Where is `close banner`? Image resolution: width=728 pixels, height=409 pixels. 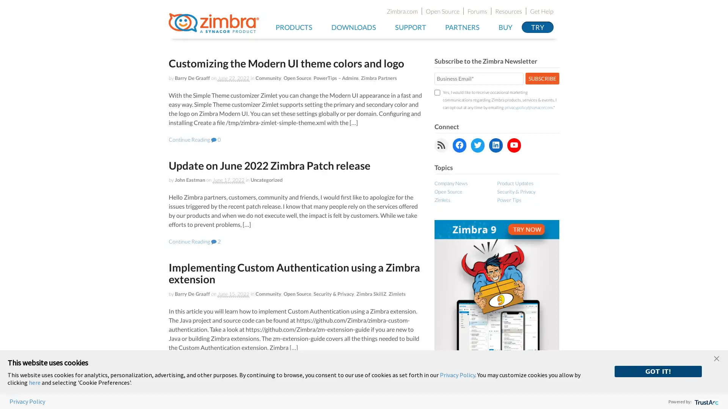
close banner is located at coordinates (716, 357).